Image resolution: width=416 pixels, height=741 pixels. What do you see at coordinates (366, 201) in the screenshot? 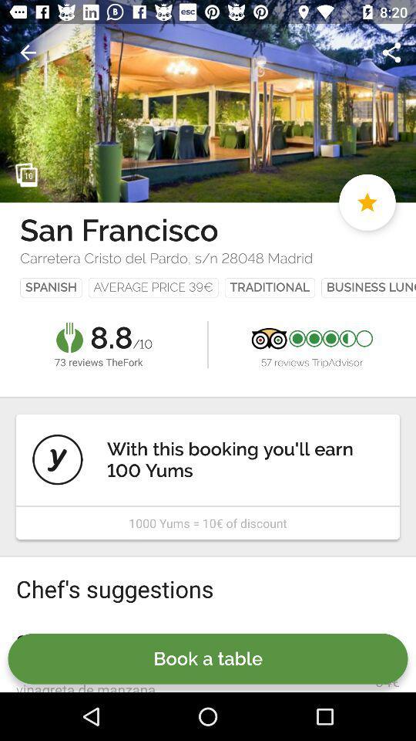
I see `the star icon` at bounding box center [366, 201].